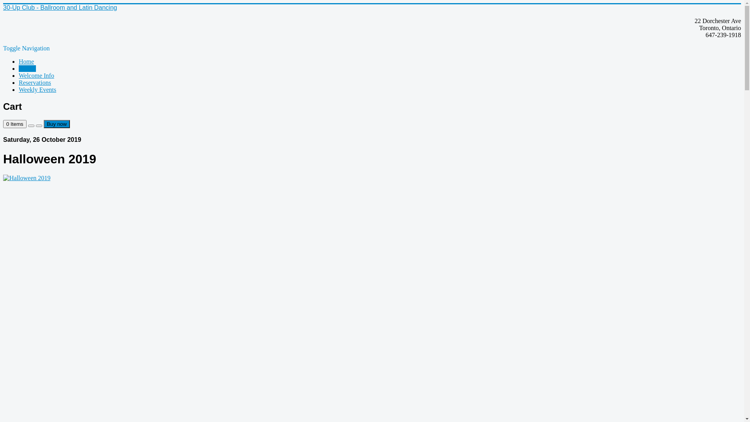  What do you see at coordinates (15, 123) in the screenshot?
I see `'0 Items'` at bounding box center [15, 123].